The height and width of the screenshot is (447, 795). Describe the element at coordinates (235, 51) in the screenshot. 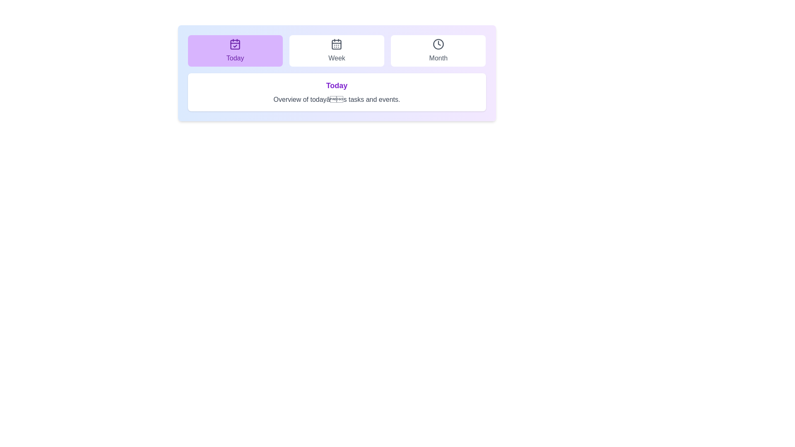

I see `the tab labeled Today to view its associated content` at that location.